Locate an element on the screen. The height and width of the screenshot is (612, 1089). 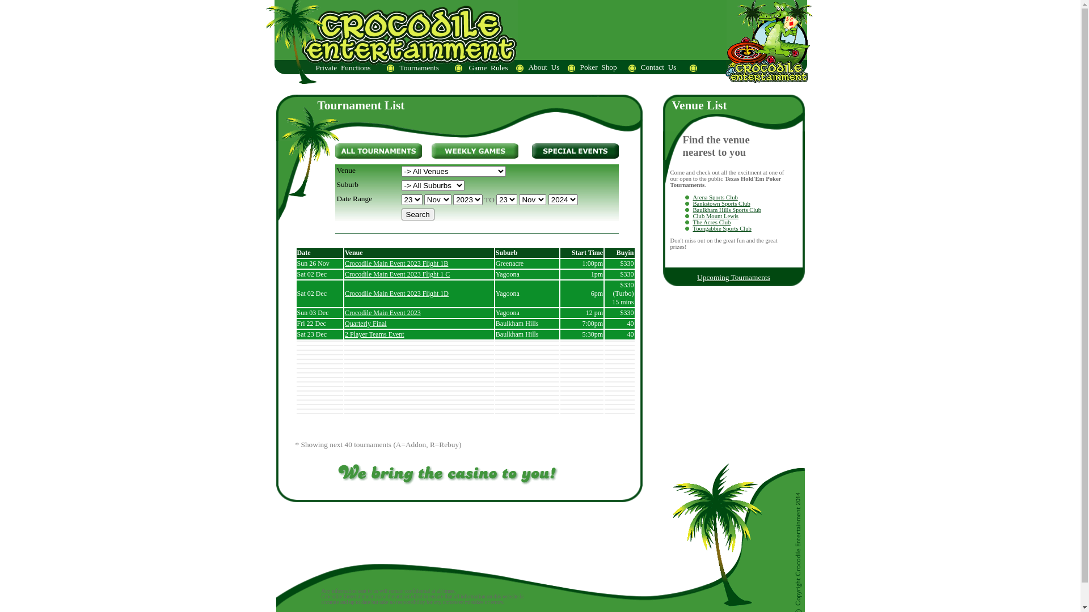
'Club Mount Lewis' is located at coordinates (715, 216).